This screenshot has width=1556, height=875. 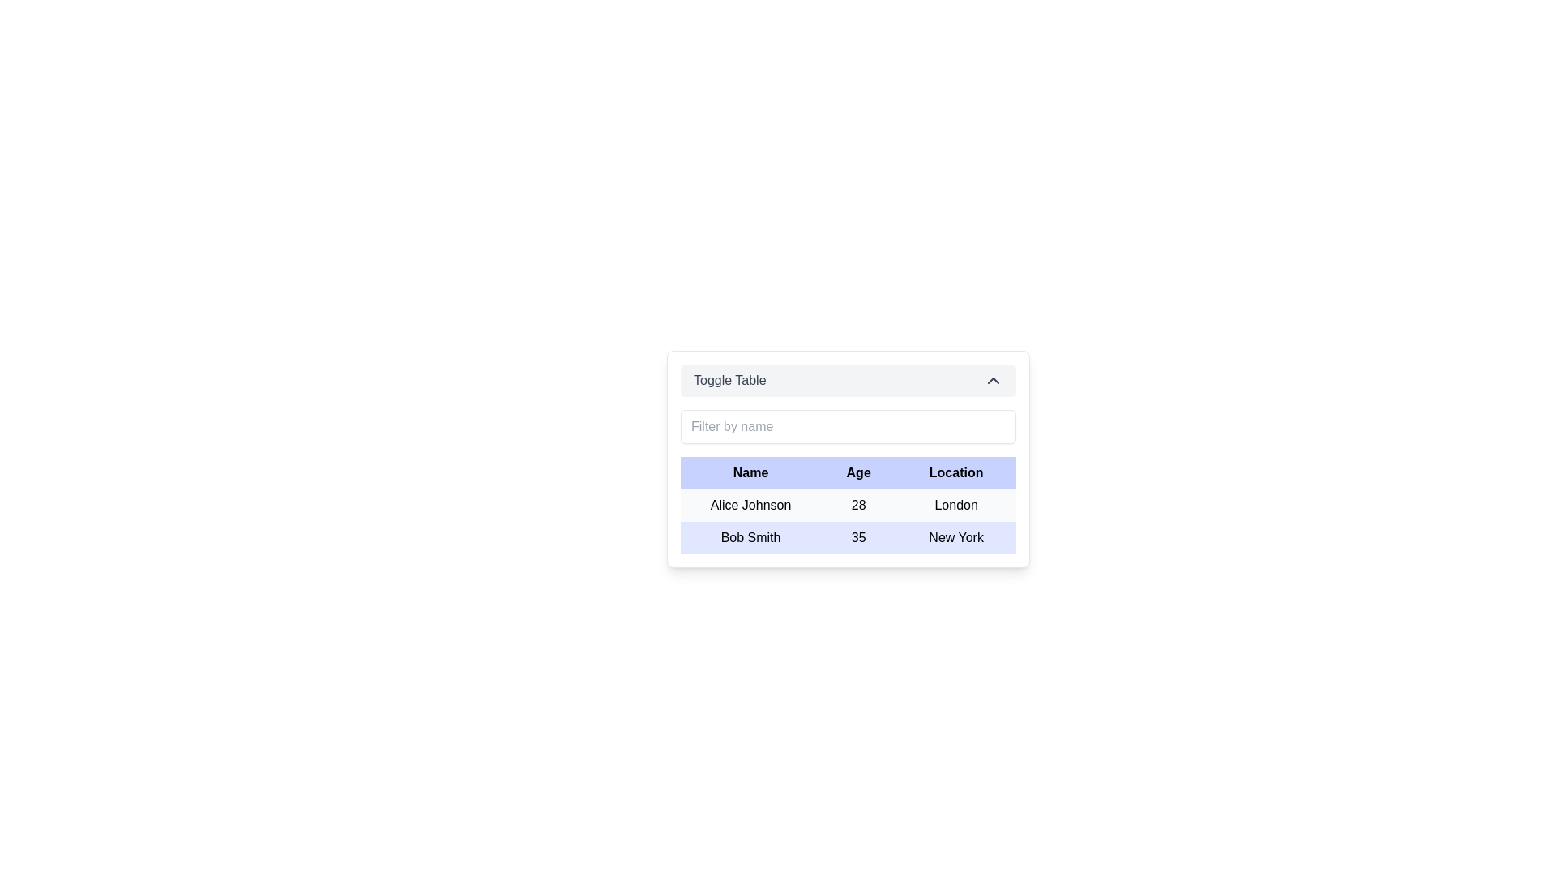 What do you see at coordinates (956, 537) in the screenshot?
I see `the Text Label displaying 'New York' in the 'Location' column of the second row in the table` at bounding box center [956, 537].